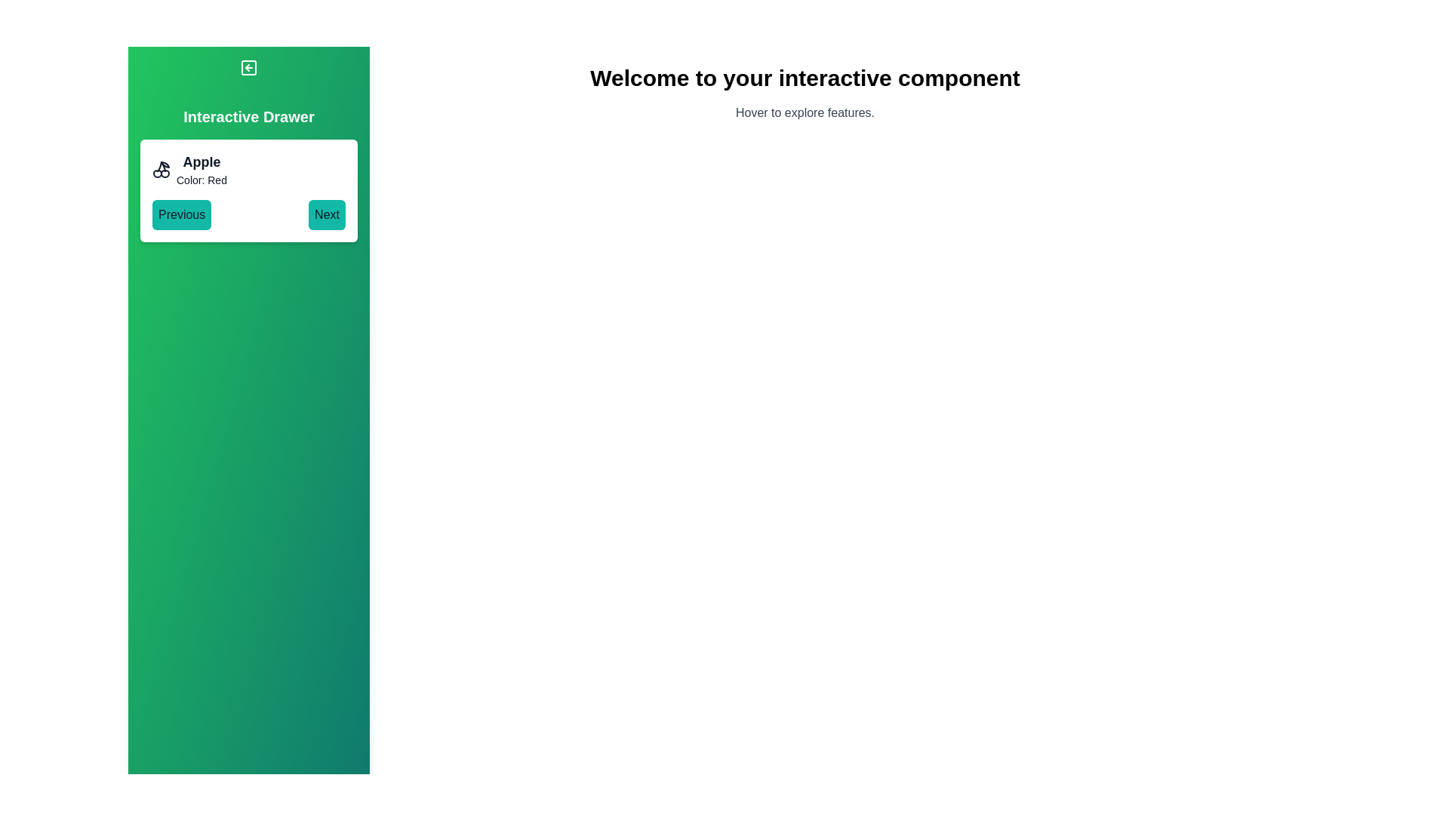 The width and height of the screenshot is (1449, 815). I want to click on the active item's display area to inspect its name and color, so click(249, 169).